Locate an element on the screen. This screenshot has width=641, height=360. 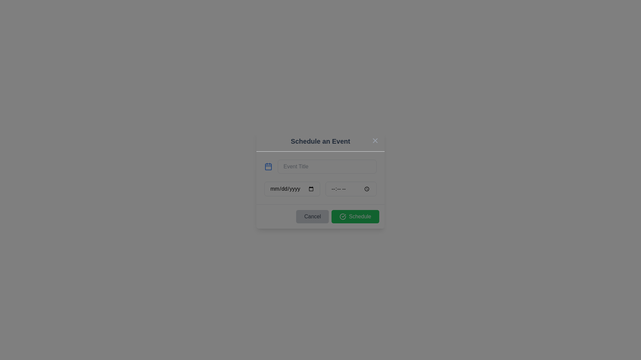
the 'Schedule' button with a green background and checkmark icon located at the bottom-right corner of the 'Schedule an Event' modal is located at coordinates (355, 217).